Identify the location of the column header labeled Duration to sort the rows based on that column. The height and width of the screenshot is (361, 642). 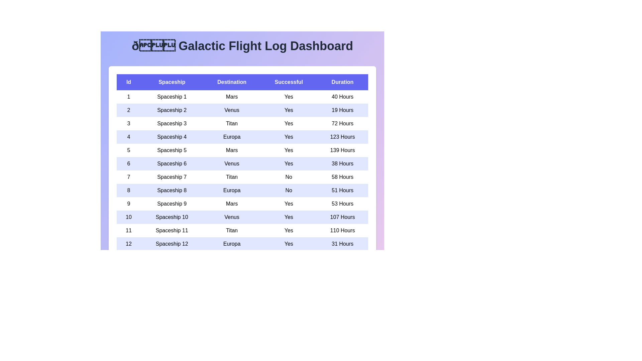
(342, 82).